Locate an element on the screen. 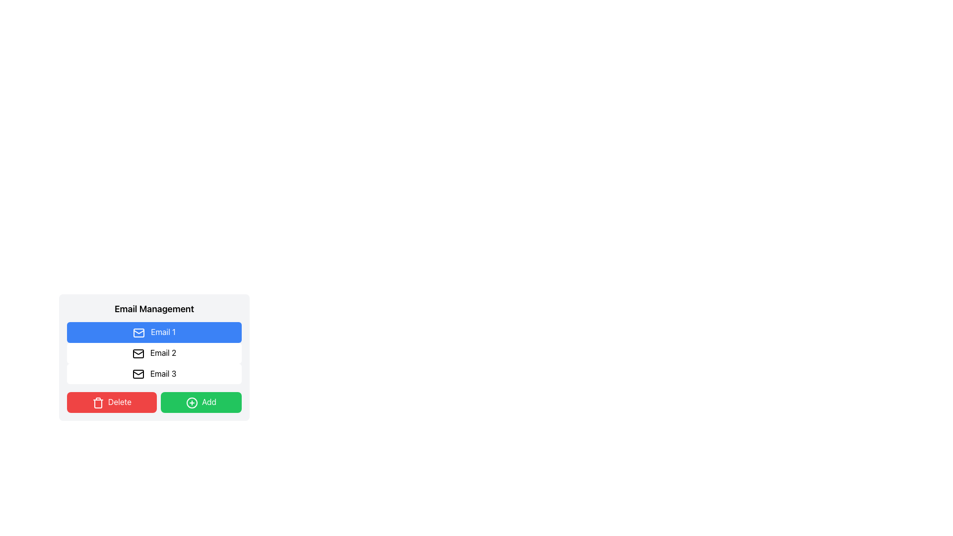 The height and width of the screenshot is (536, 953). the envelope-shaped icon that is part of the 'Email 1' button, located on a blue background in the 'Email Management' section is located at coordinates (138, 333).